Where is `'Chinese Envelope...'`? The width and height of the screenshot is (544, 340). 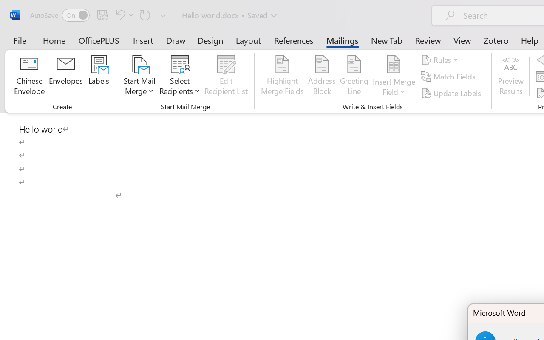
'Chinese Envelope...' is located at coordinates (29, 76).